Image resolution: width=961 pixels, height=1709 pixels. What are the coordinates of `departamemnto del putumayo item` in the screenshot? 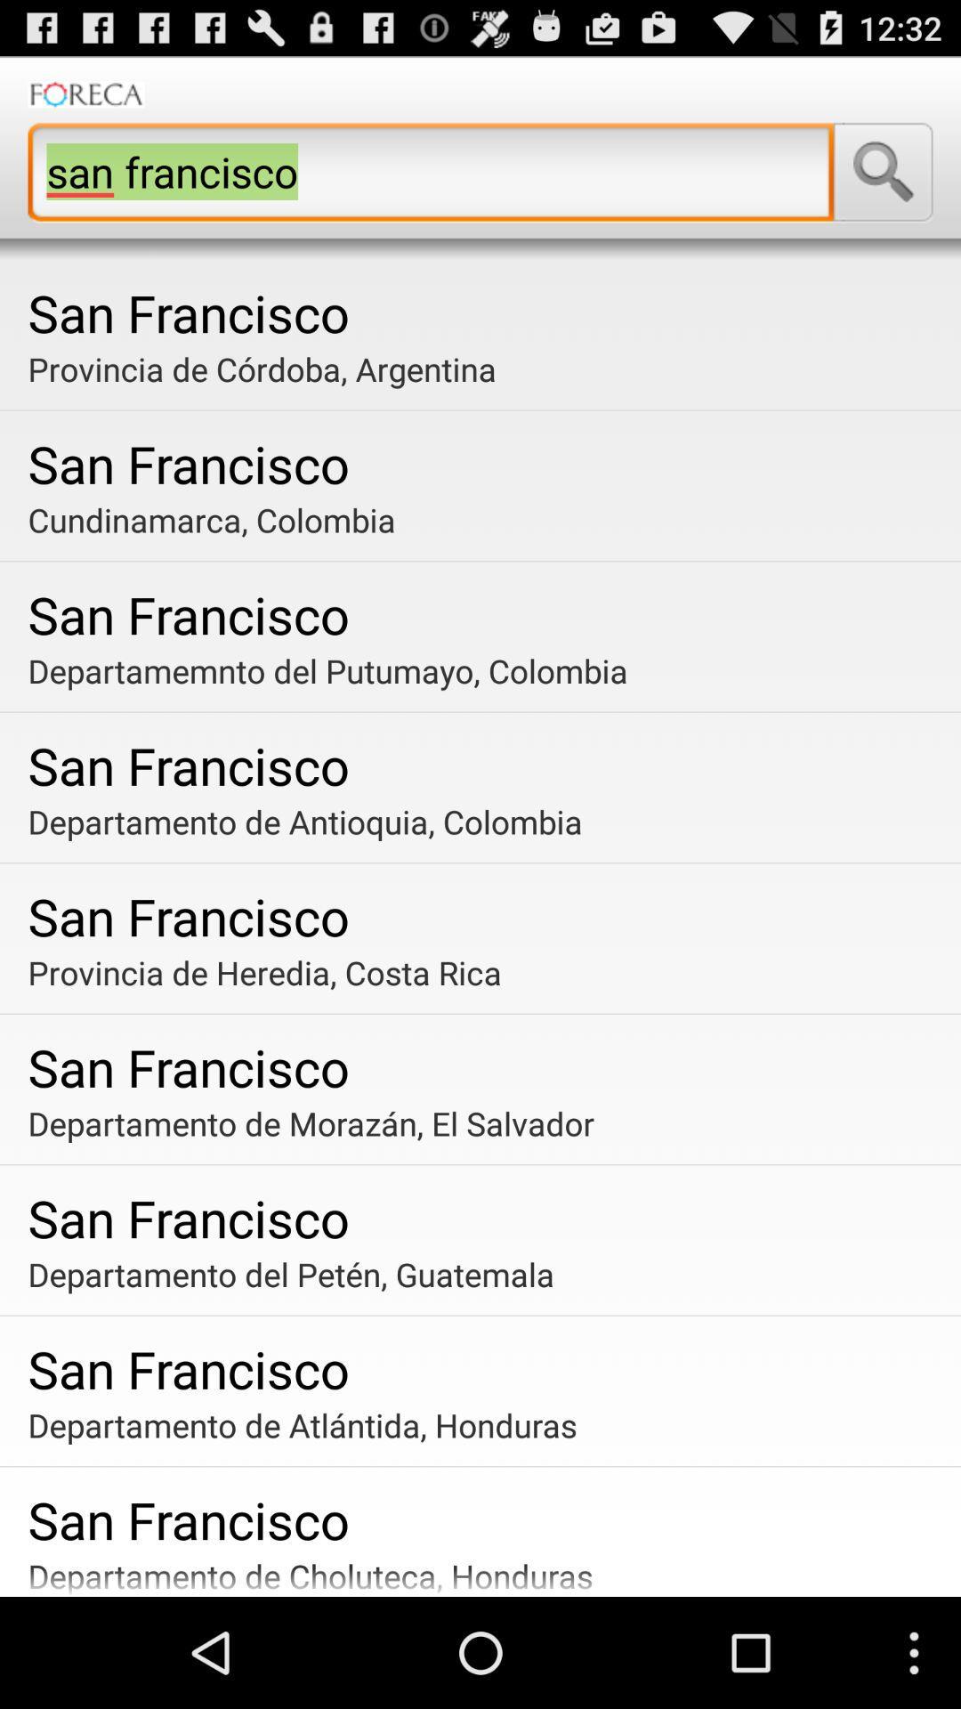 It's located at (487, 669).